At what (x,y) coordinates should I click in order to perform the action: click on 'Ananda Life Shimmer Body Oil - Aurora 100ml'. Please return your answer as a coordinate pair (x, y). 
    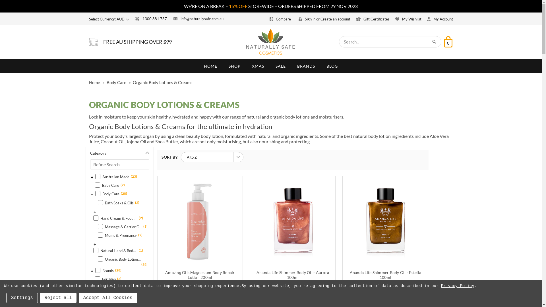
    Looking at the image, I should click on (292, 221).